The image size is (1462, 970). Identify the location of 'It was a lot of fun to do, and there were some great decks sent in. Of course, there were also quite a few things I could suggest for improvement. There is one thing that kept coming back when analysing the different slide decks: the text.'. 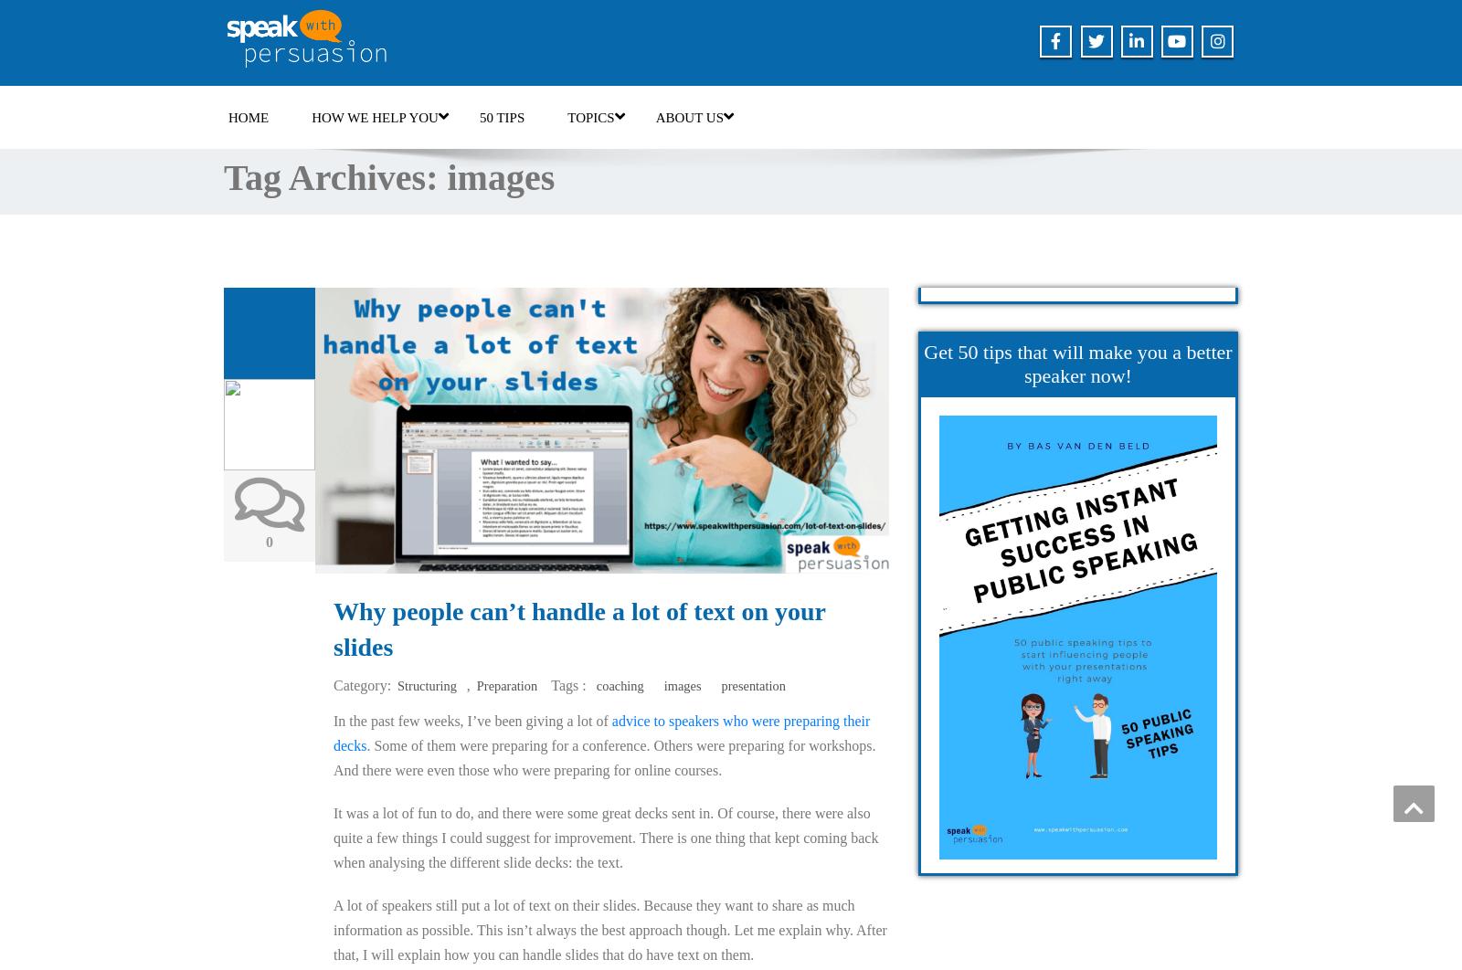
(606, 837).